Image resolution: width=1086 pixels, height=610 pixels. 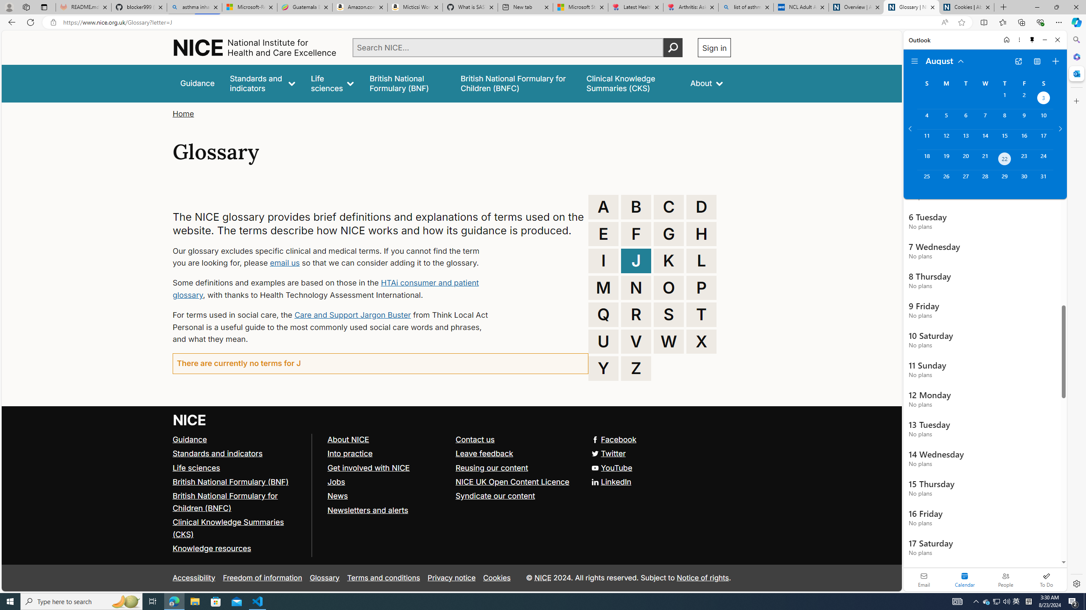 What do you see at coordinates (612, 481) in the screenshot?
I see `'LinkedIn'` at bounding box center [612, 481].